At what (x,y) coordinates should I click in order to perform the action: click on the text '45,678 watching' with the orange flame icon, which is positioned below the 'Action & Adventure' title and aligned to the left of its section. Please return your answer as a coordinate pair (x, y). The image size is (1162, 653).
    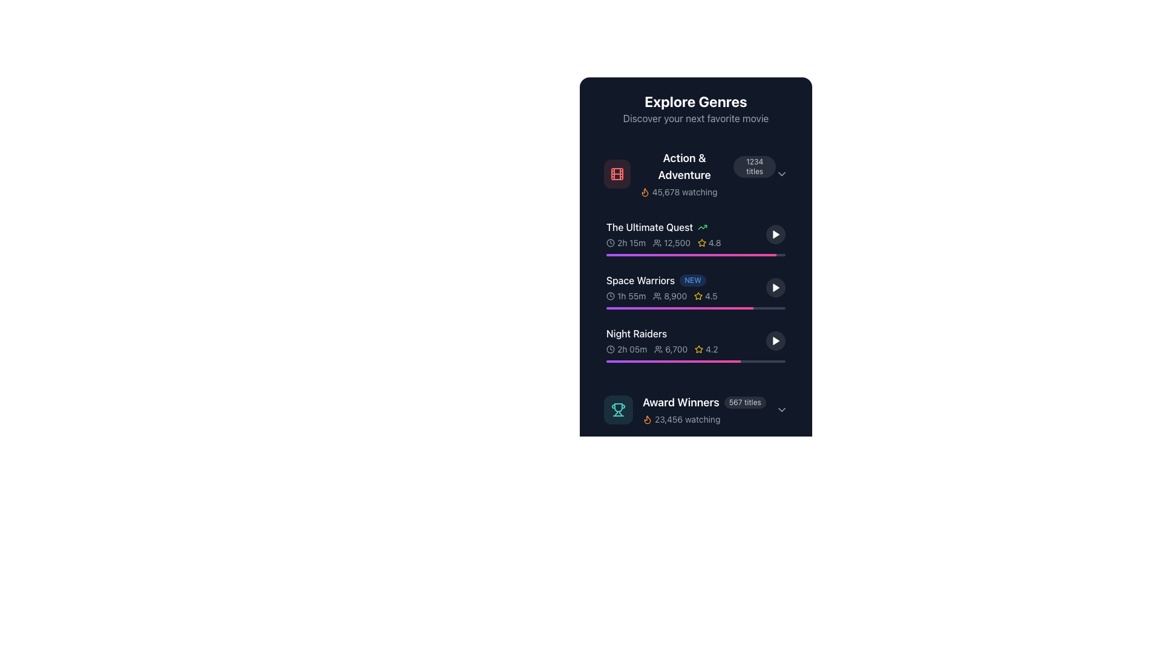
    Looking at the image, I should click on (678, 191).